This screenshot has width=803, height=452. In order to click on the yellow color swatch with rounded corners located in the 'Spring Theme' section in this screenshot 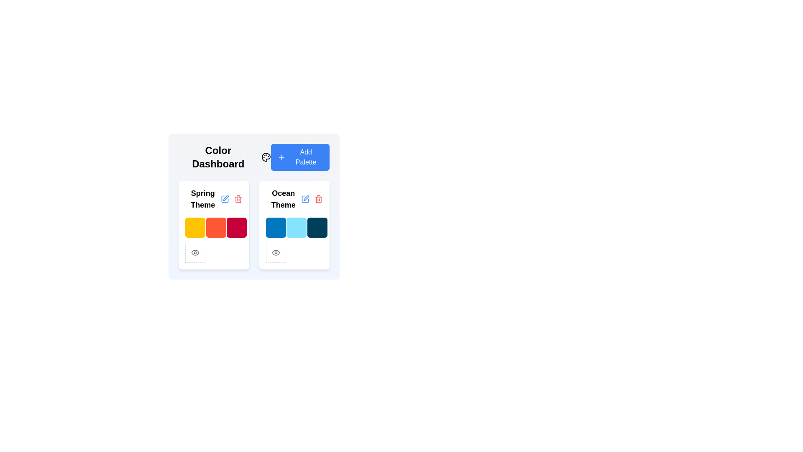, I will do `click(194, 227)`.